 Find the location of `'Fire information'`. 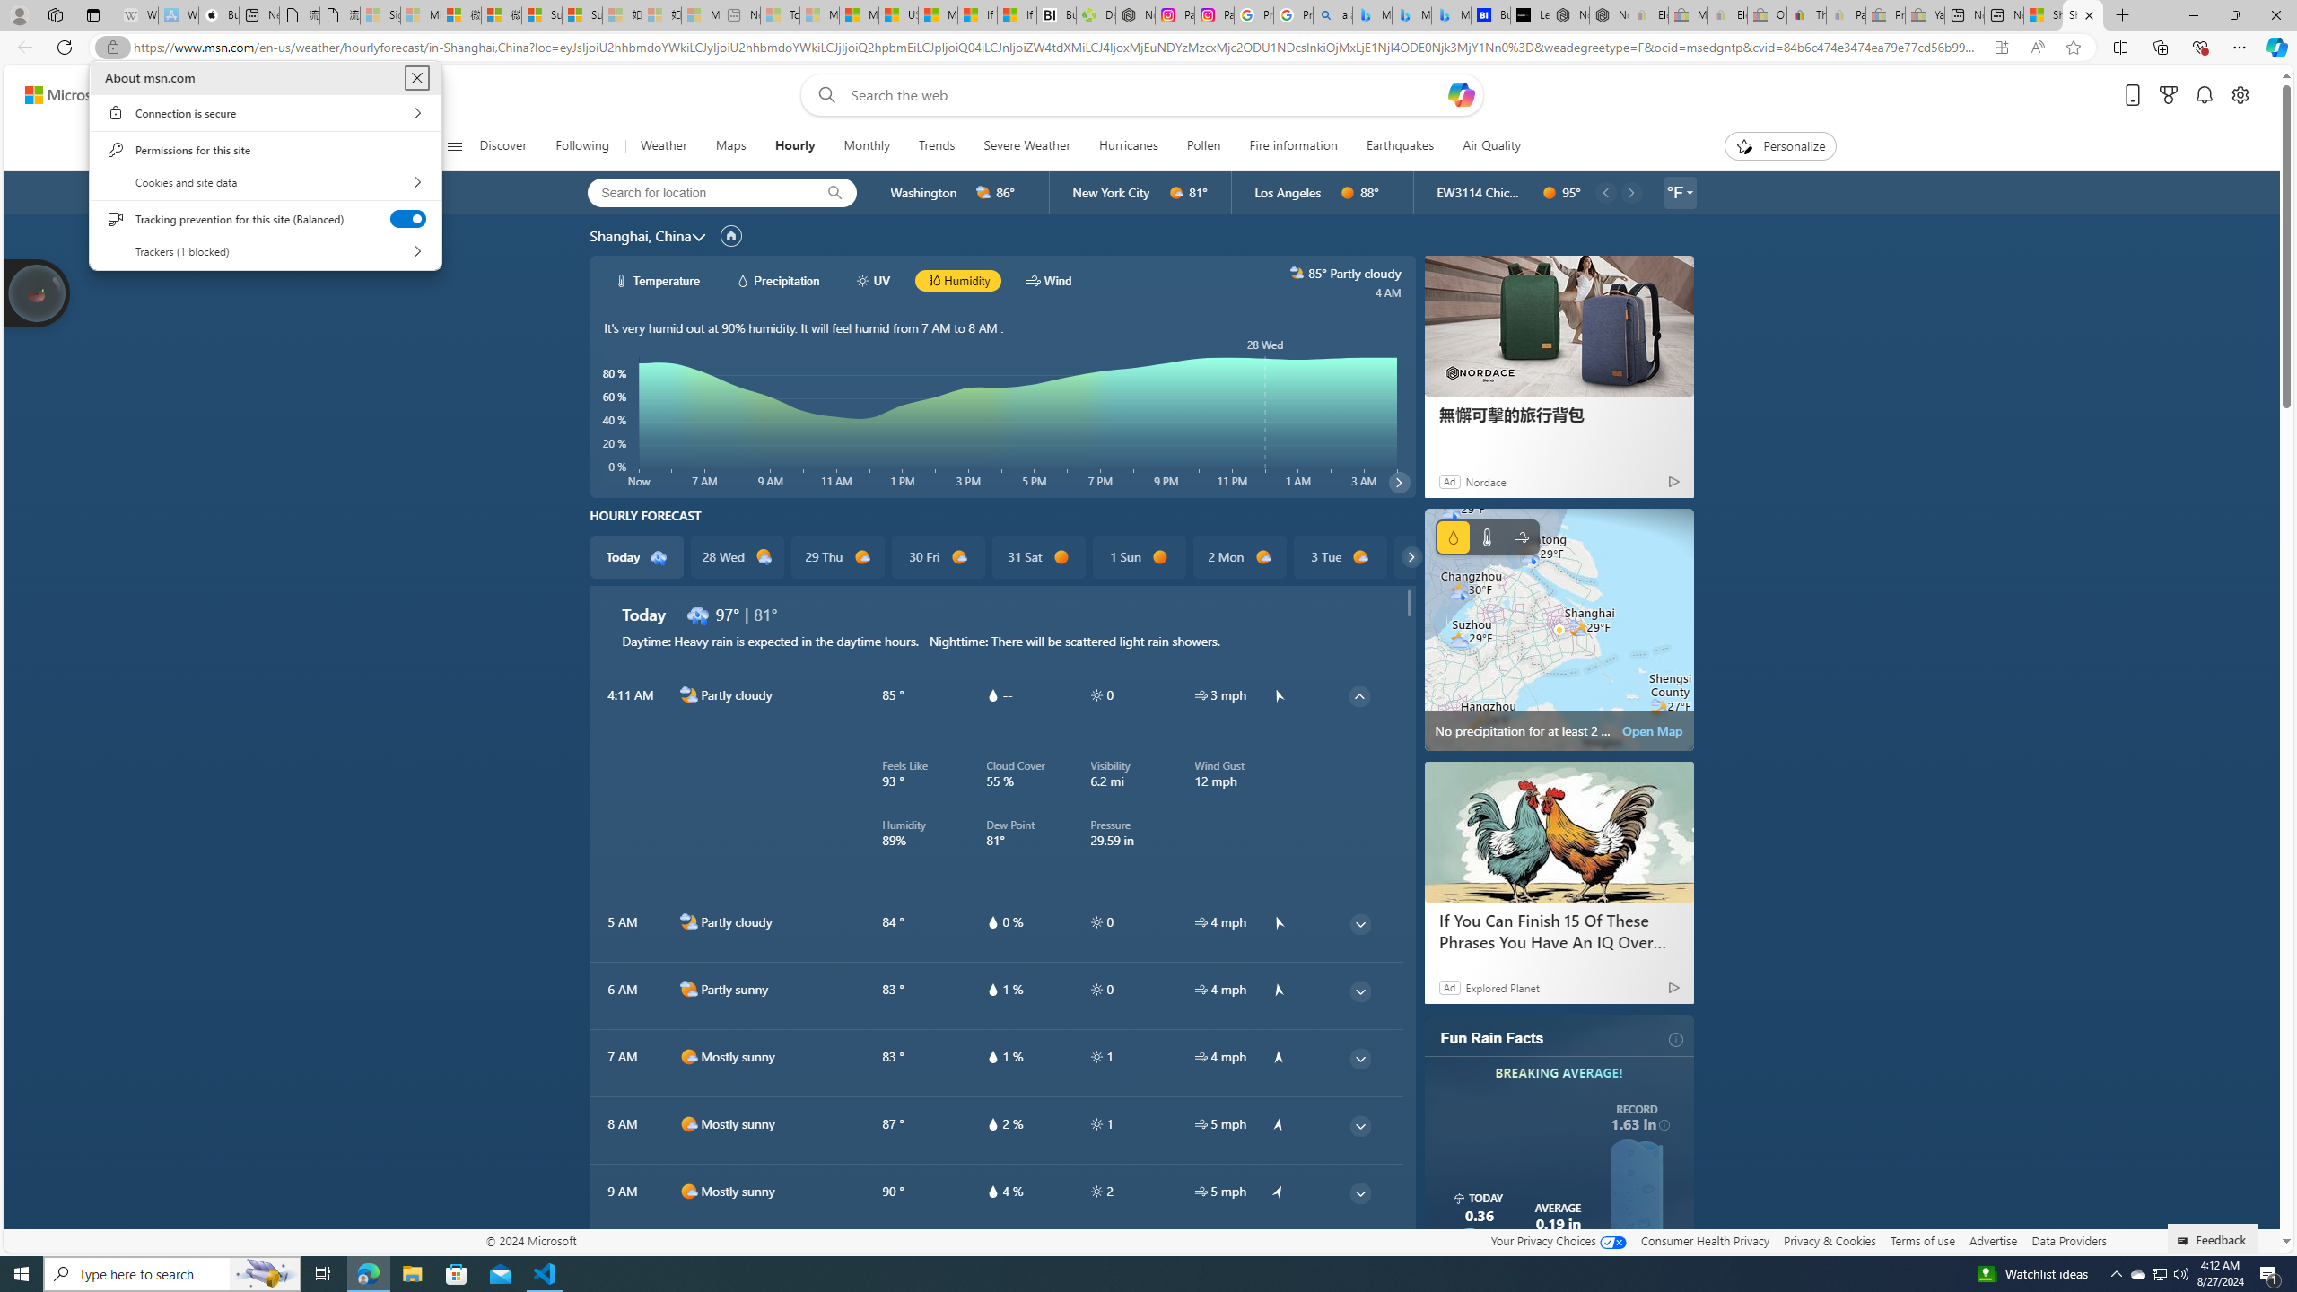

'Fire information' is located at coordinates (1294, 145).